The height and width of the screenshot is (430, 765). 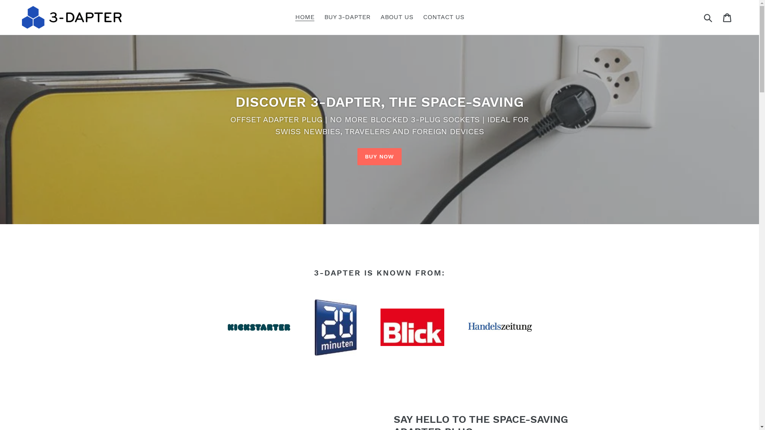 What do you see at coordinates (418, 17) in the screenshot?
I see `'CONTACT US'` at bounding box center [418, 17].